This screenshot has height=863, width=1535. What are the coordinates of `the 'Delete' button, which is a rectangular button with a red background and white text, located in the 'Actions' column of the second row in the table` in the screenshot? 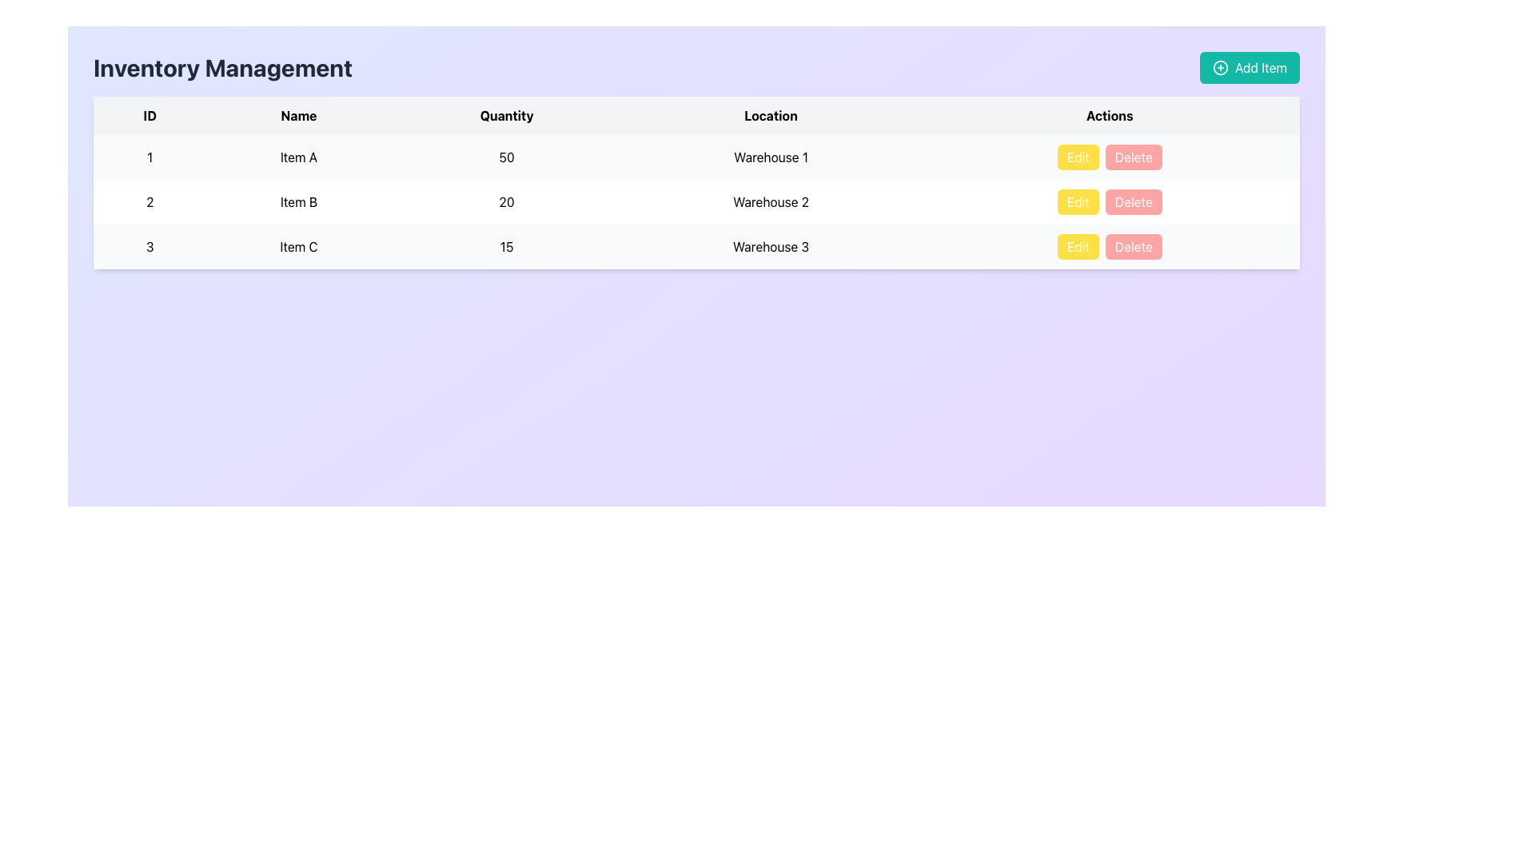 It's located at (1133, 201).